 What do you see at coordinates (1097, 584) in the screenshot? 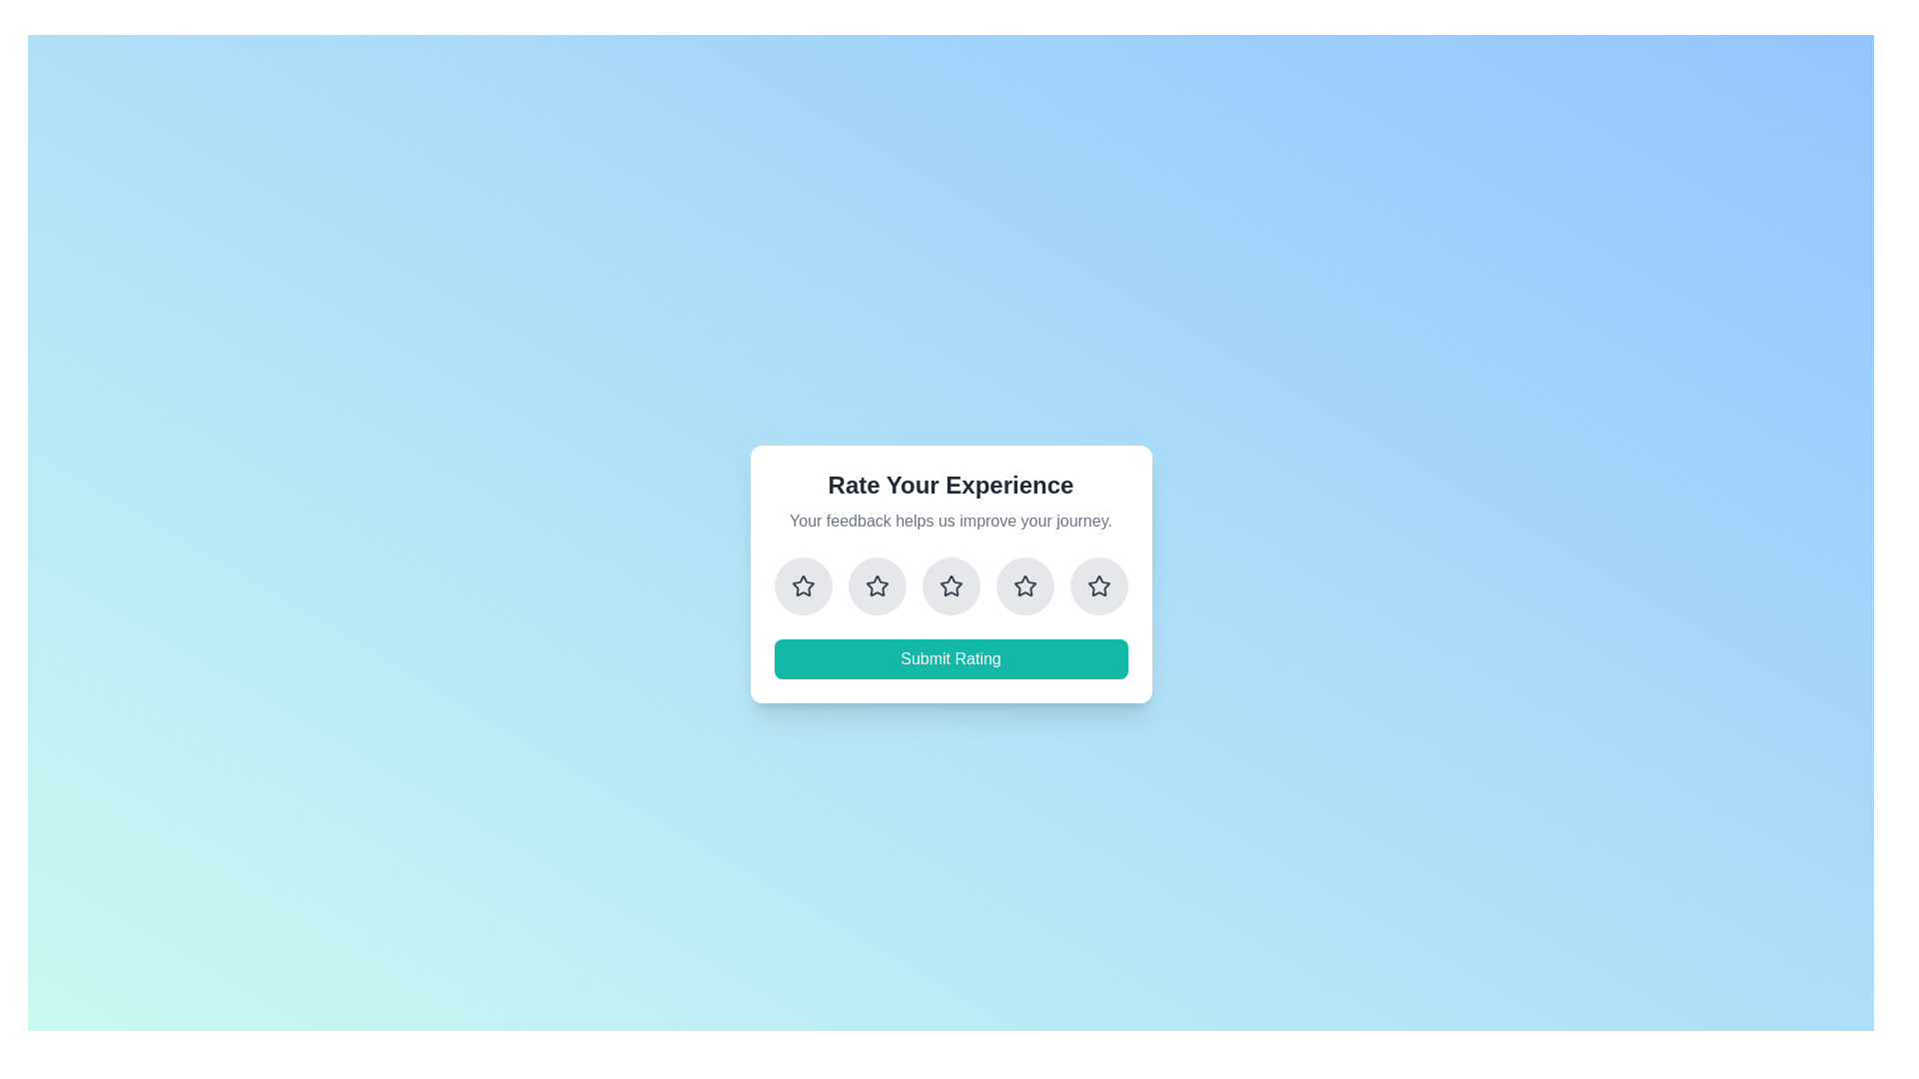
I see `the rating button corresponding to 5` at bounding box center [1097, 584].